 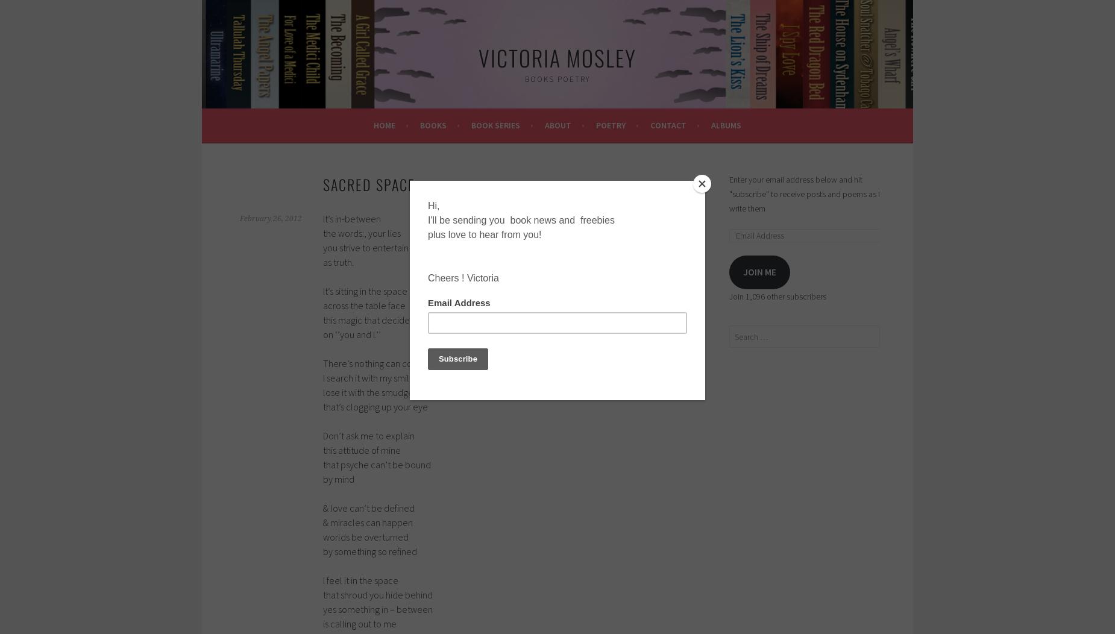 I want to click on 'Join 1,096 other subscribers', so click(x=729, y=296).